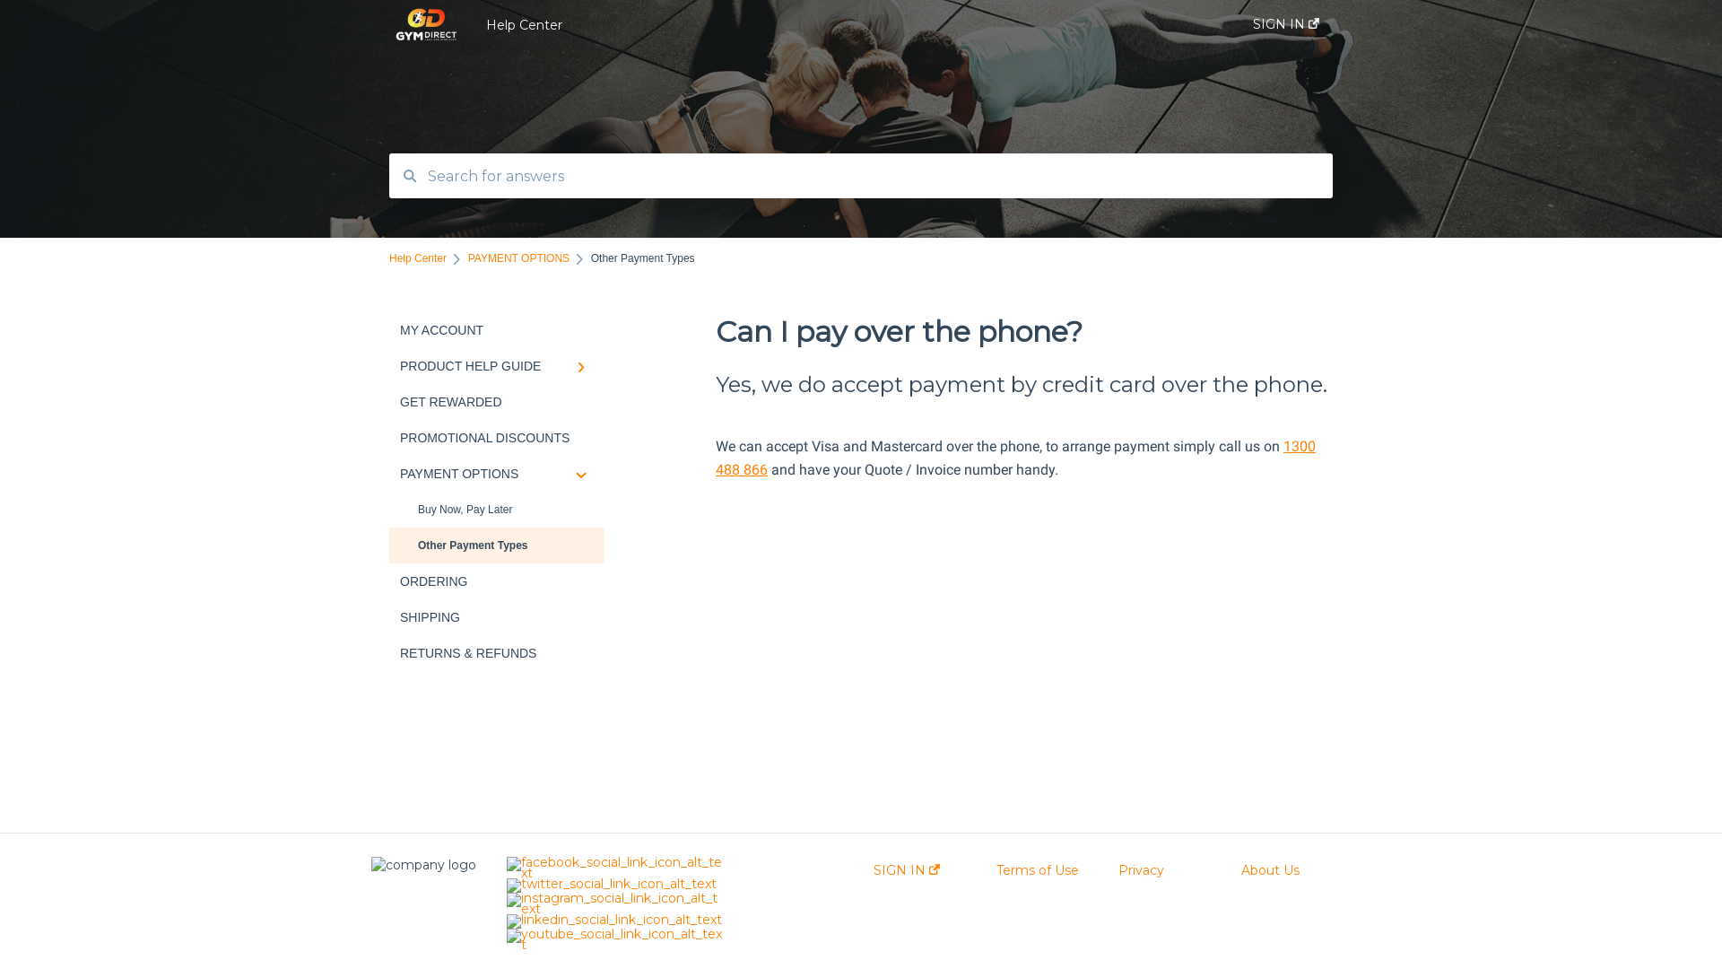 The width and height of the screenshot is (1722, 969). What do you see at coordinates (1269, 869) in the screenshot?
I see `'About Us'` at bounding box center [1269, 869].